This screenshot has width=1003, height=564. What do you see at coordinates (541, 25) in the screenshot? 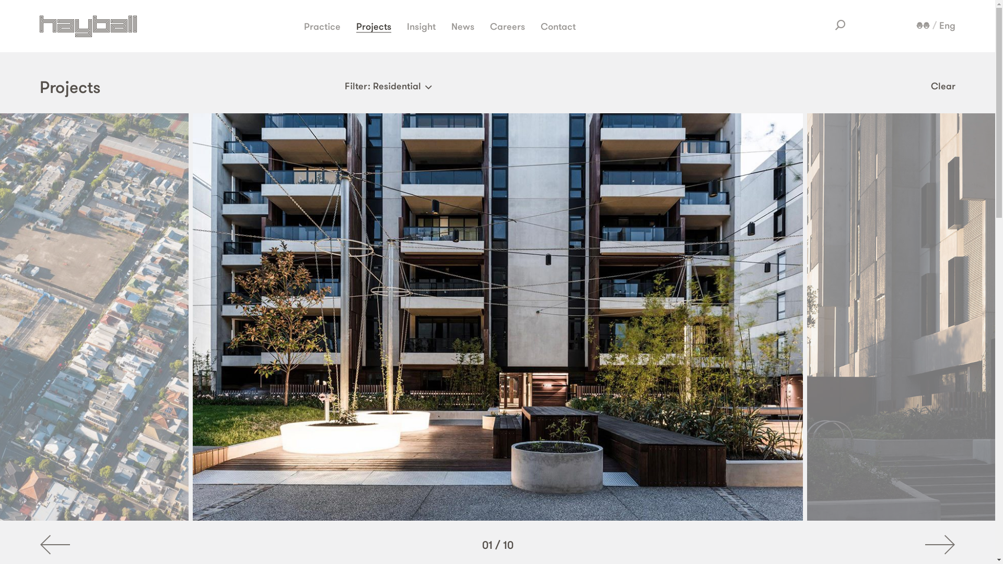
I see `'Contact'` at bounding box center [541, 25].